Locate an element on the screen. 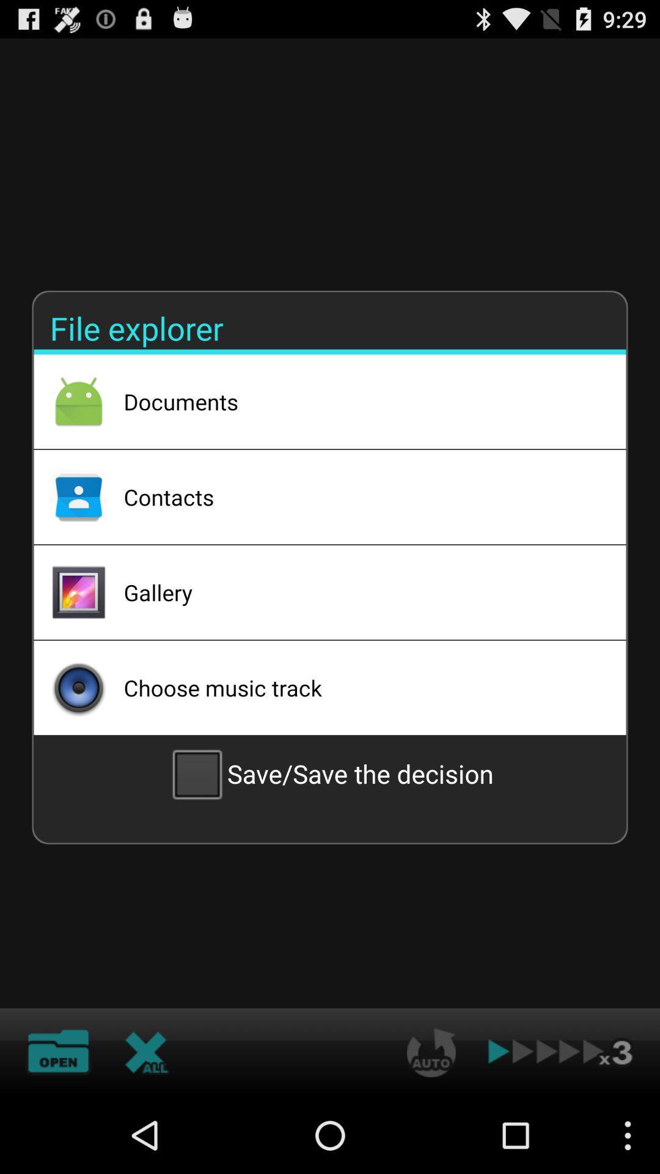 This screenshot has width=660, height=1174. the contacts item is located at coordinates (358, 497).